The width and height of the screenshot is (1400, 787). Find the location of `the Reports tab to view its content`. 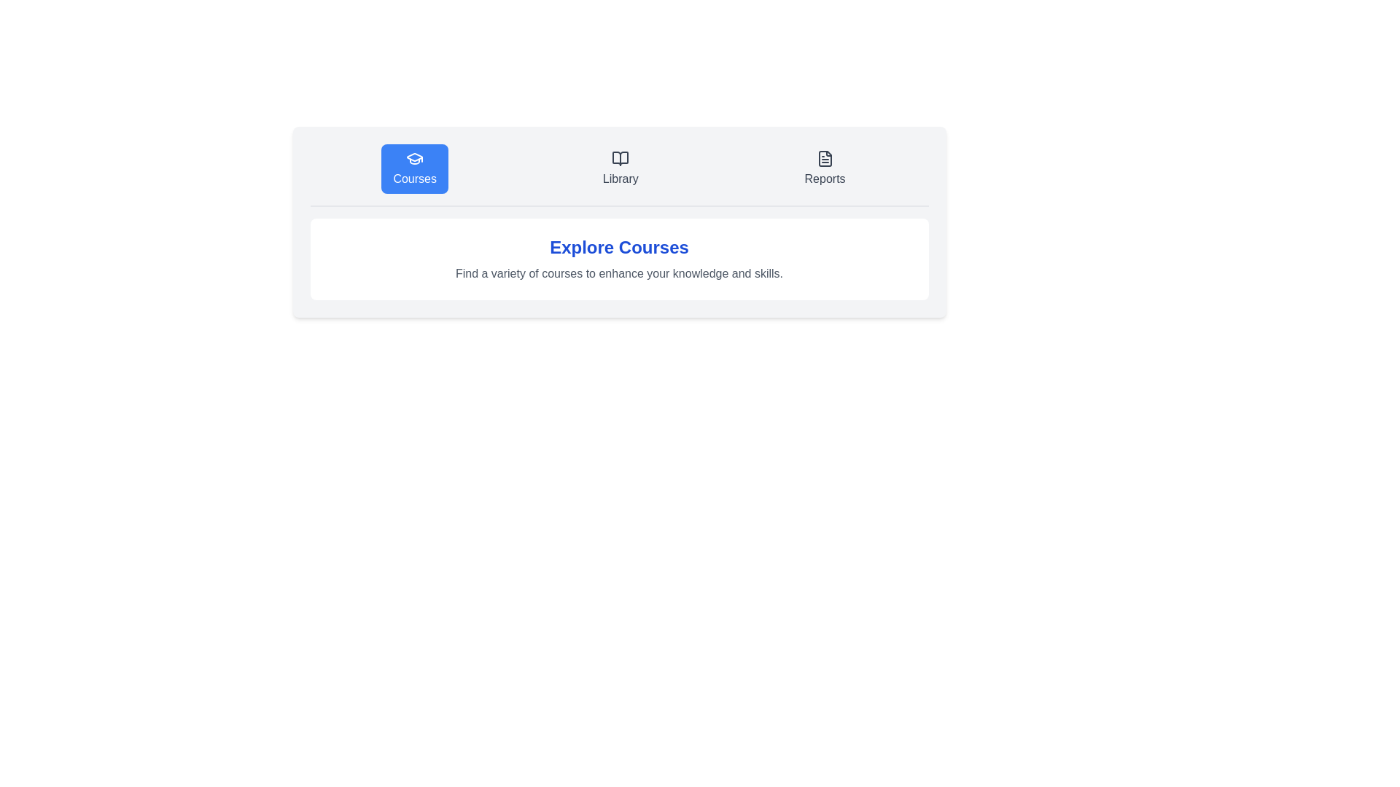

the Reports tab to view its content is located at coordinates (825, 168).